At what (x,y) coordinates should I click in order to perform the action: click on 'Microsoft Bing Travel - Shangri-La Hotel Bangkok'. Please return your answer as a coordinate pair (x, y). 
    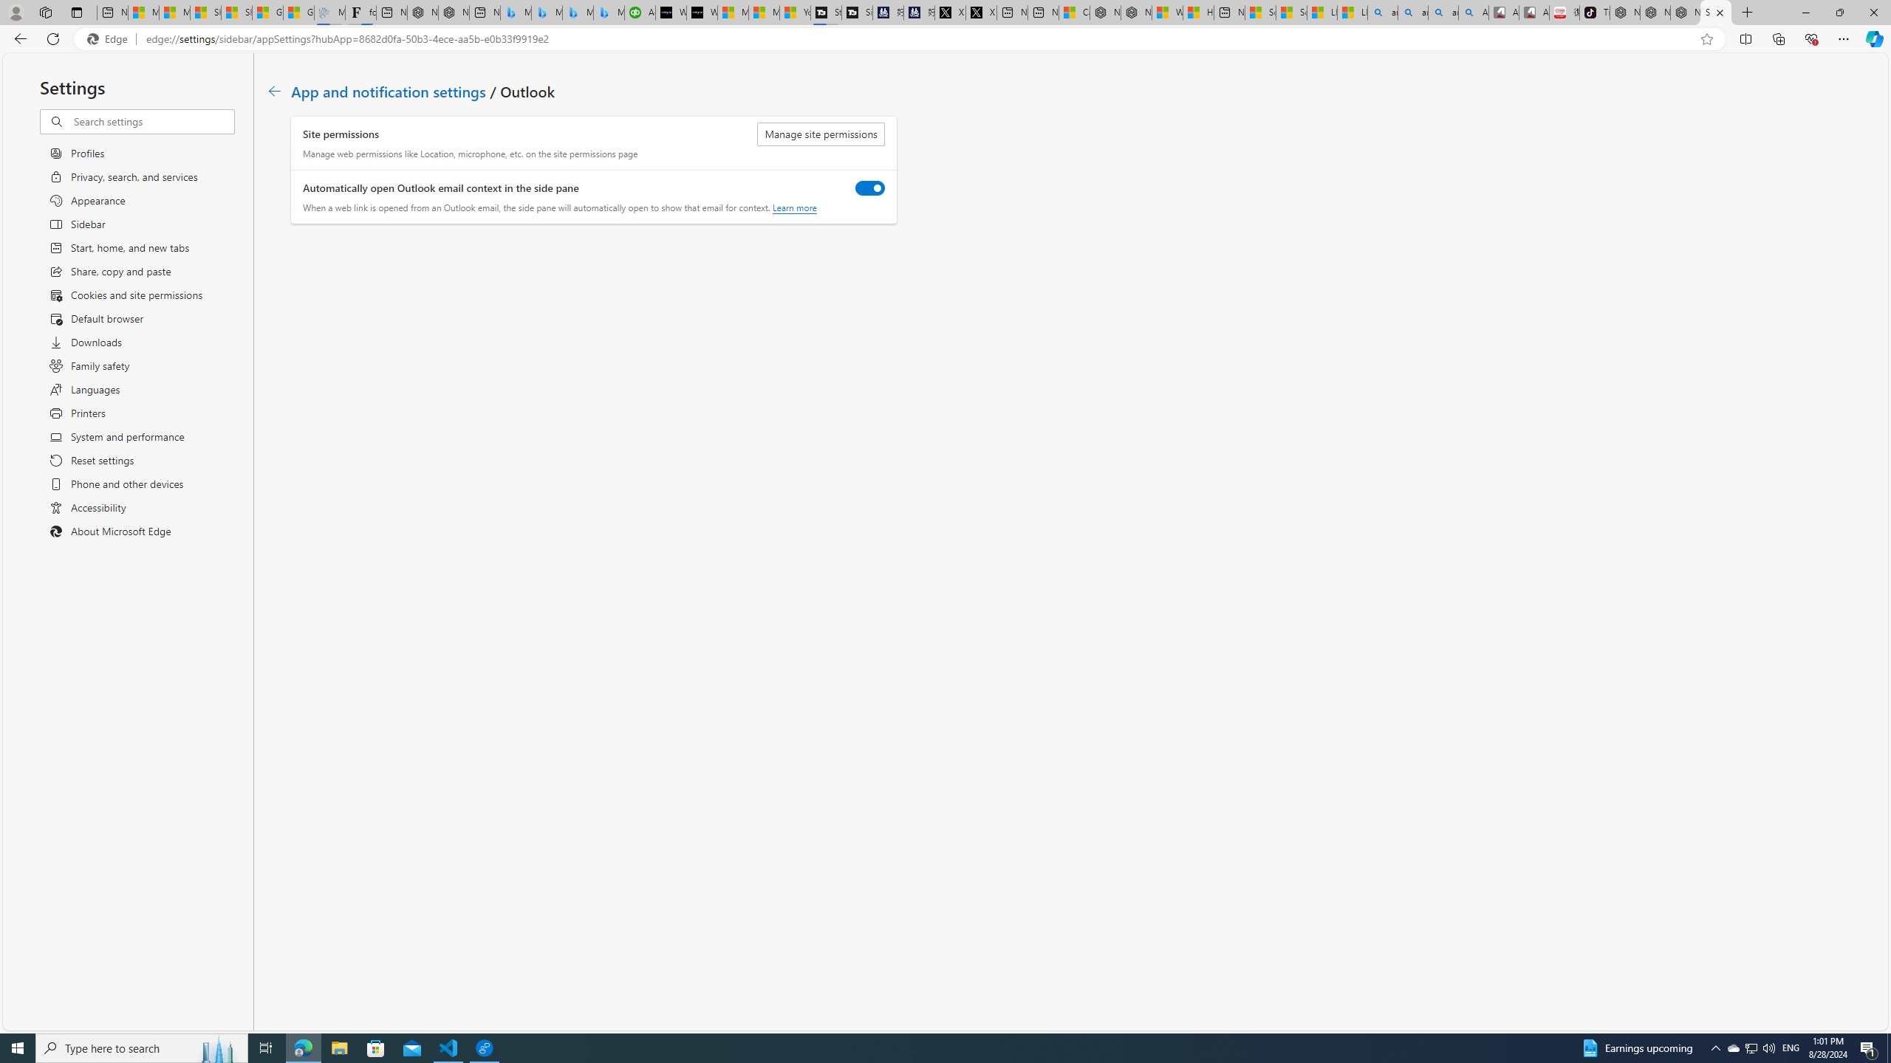
    Looking at the image, I should click on (609, 12).